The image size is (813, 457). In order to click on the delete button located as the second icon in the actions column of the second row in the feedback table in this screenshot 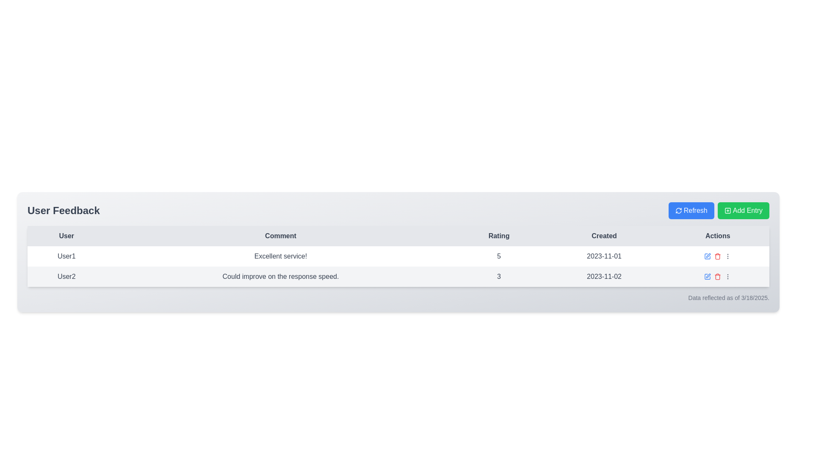, I will do `click(717, 256)`.